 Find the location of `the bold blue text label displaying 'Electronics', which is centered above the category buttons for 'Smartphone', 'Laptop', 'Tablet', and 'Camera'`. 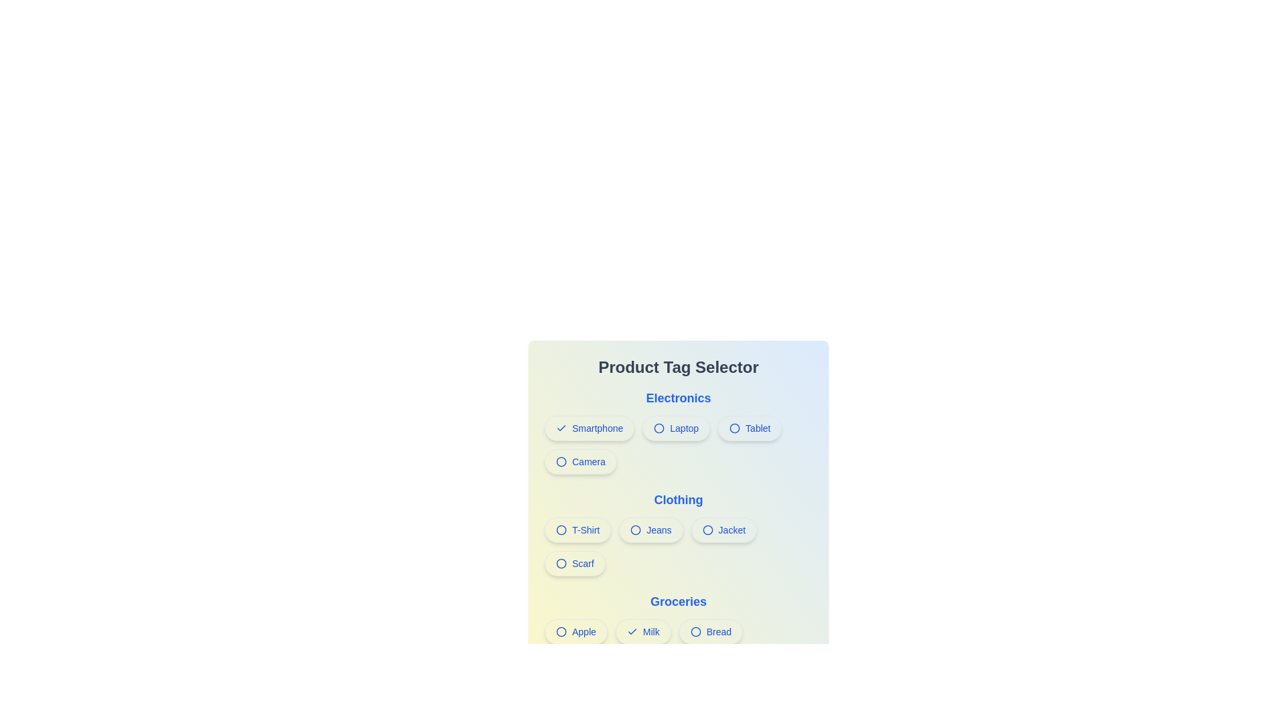

the bold blue text label displaying 'Electronics', which is centered above the category buttons for 'Smartphone', 'Laptop', 'Tablet', and 'Camera' is located at coordinates (678, 397).